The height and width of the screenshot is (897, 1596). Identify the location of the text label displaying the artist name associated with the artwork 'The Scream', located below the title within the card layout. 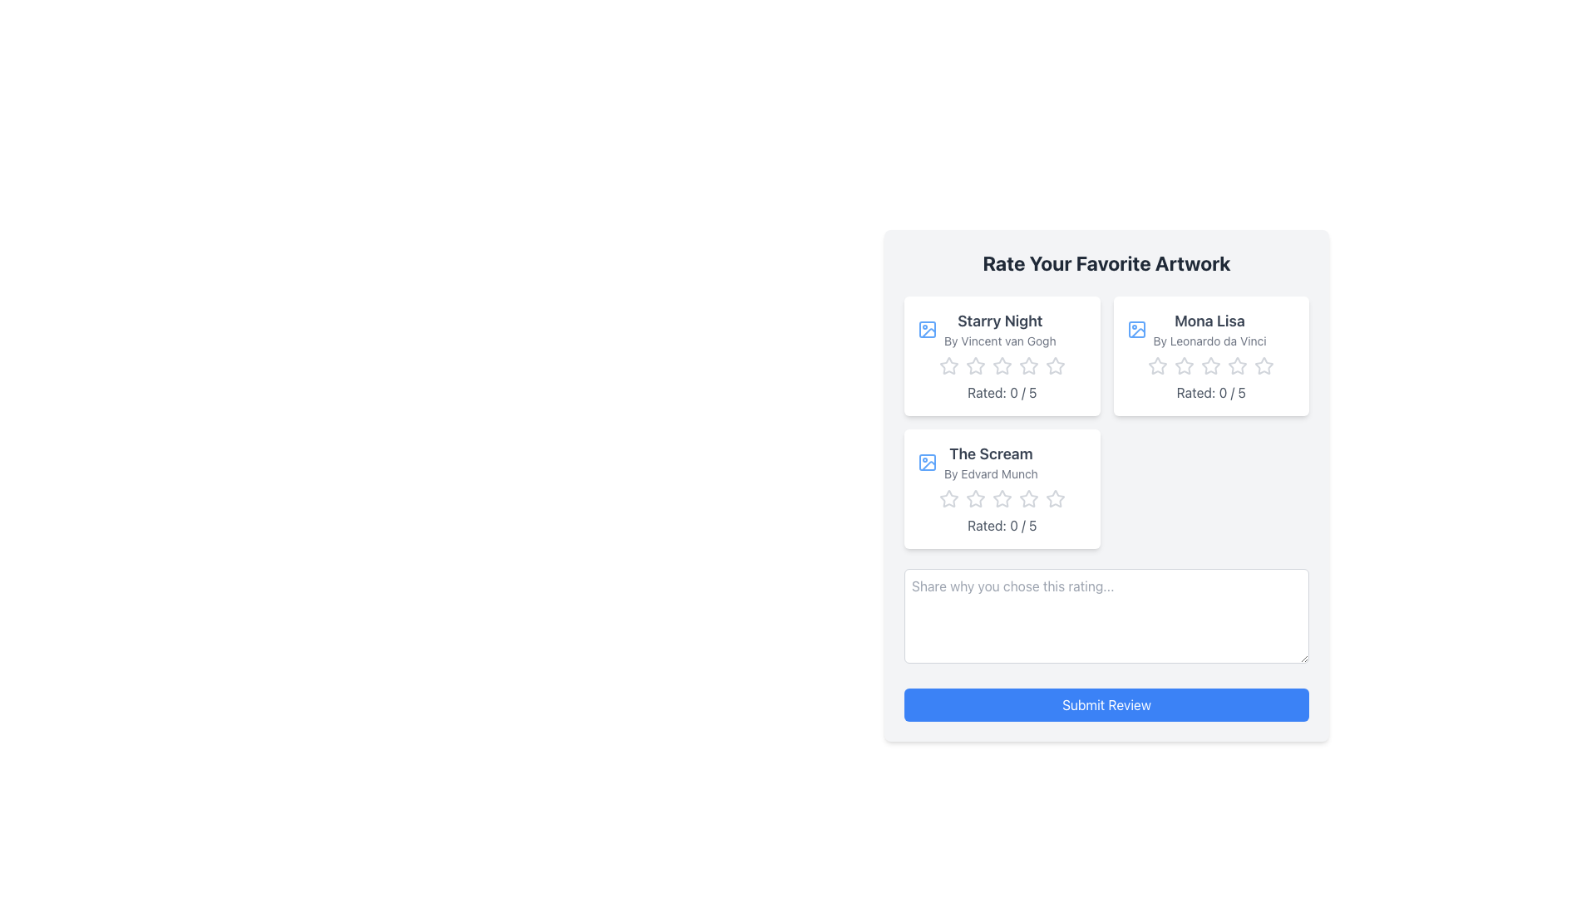
(991, 473).